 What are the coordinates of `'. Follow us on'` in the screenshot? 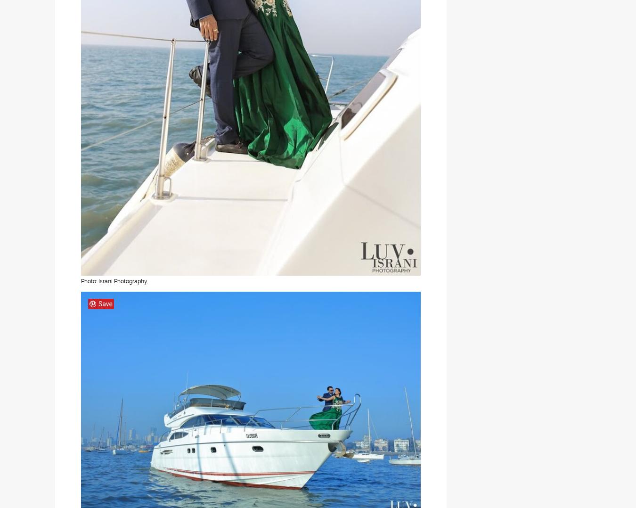 It's located at (333, 298).